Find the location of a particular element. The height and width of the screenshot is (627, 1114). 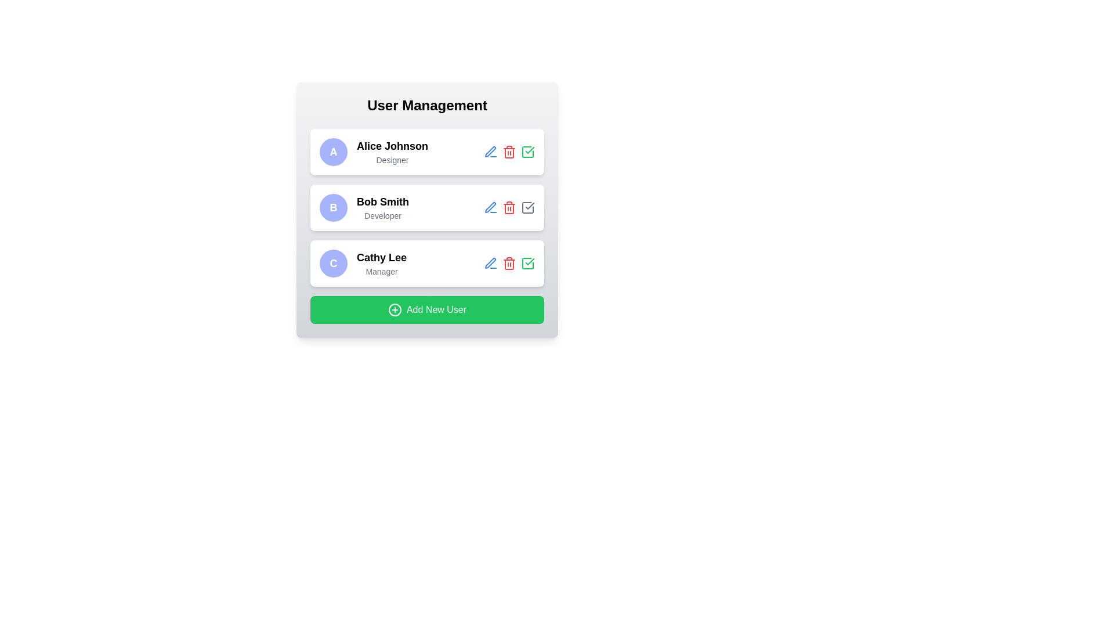

the check icon located next to 'Alice Johnson' in the control panel is located at coordinates (529, 205).